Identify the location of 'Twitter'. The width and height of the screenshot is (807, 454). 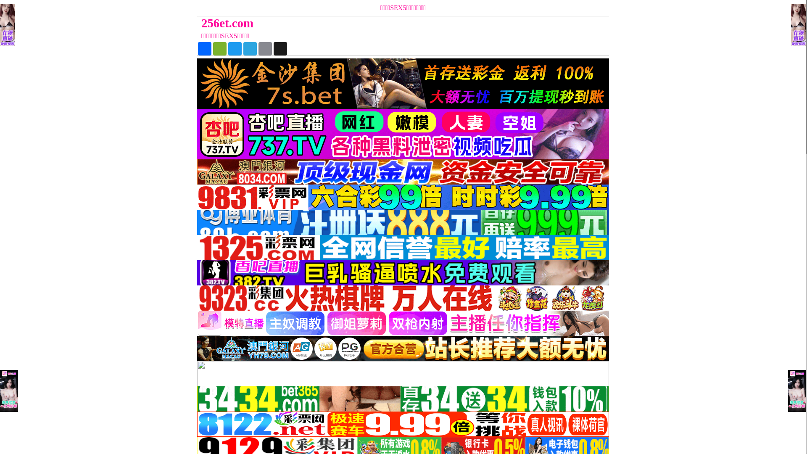
(235, 48).